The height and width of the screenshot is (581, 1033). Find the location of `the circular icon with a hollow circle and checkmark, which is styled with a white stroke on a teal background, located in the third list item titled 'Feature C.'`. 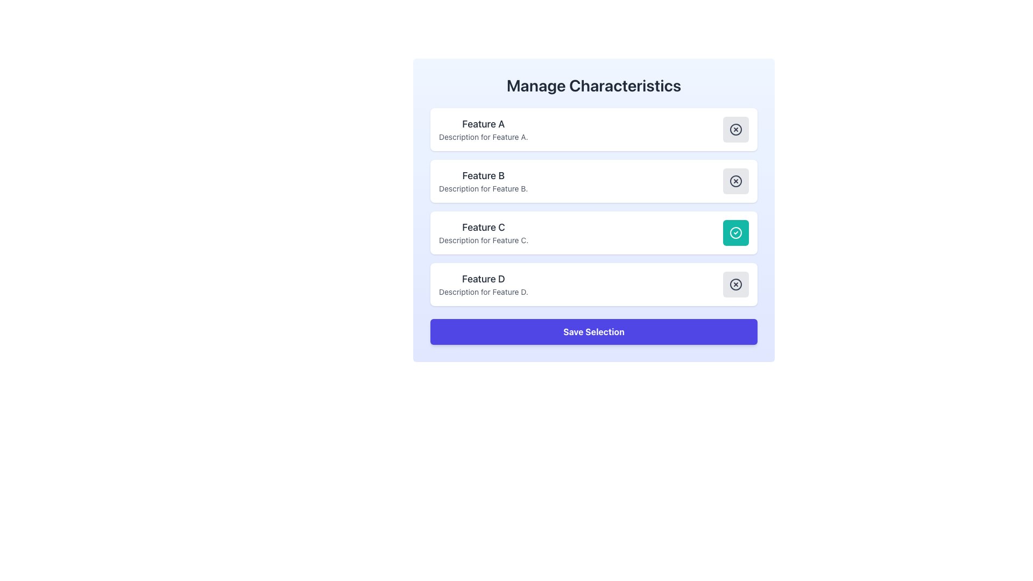

the circular icon with a hollow circle and checkmark, which is styled with a white stroke on a teal background, located in the third list item titled 'Feature C.' is located at coordinates (735, 232).